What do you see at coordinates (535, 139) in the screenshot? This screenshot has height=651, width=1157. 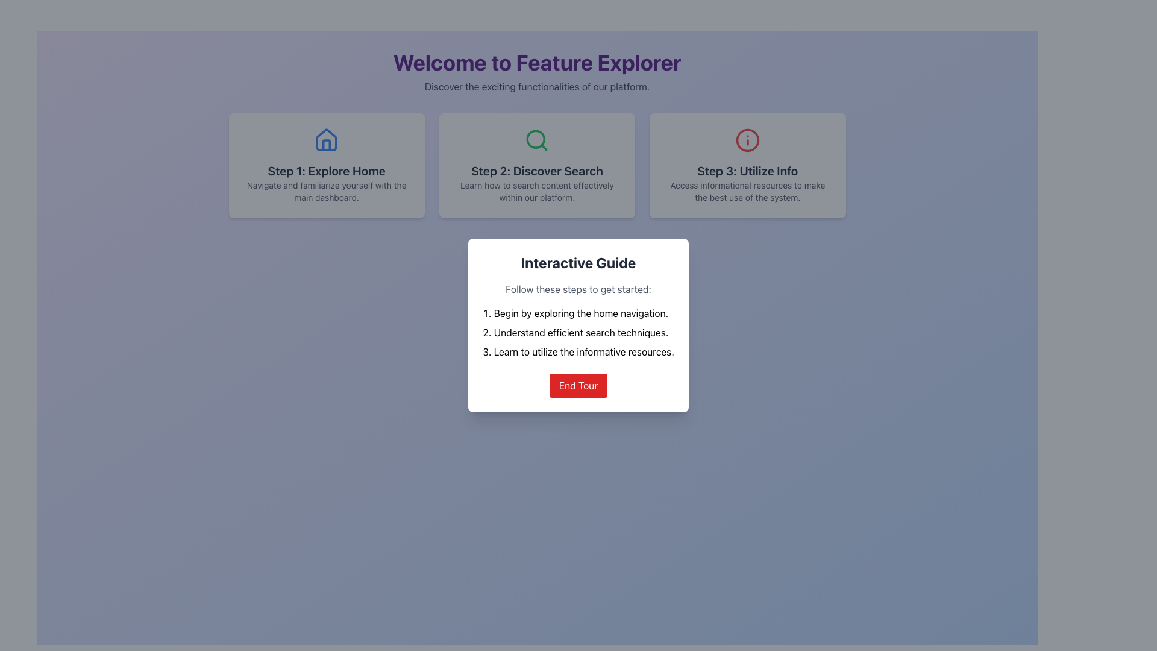 I see `the SVG circle element that is centrally positioned within the green border of the magnifying glass icon in the second step of the interface's feature explorer section` at bounding box center [535, 139].